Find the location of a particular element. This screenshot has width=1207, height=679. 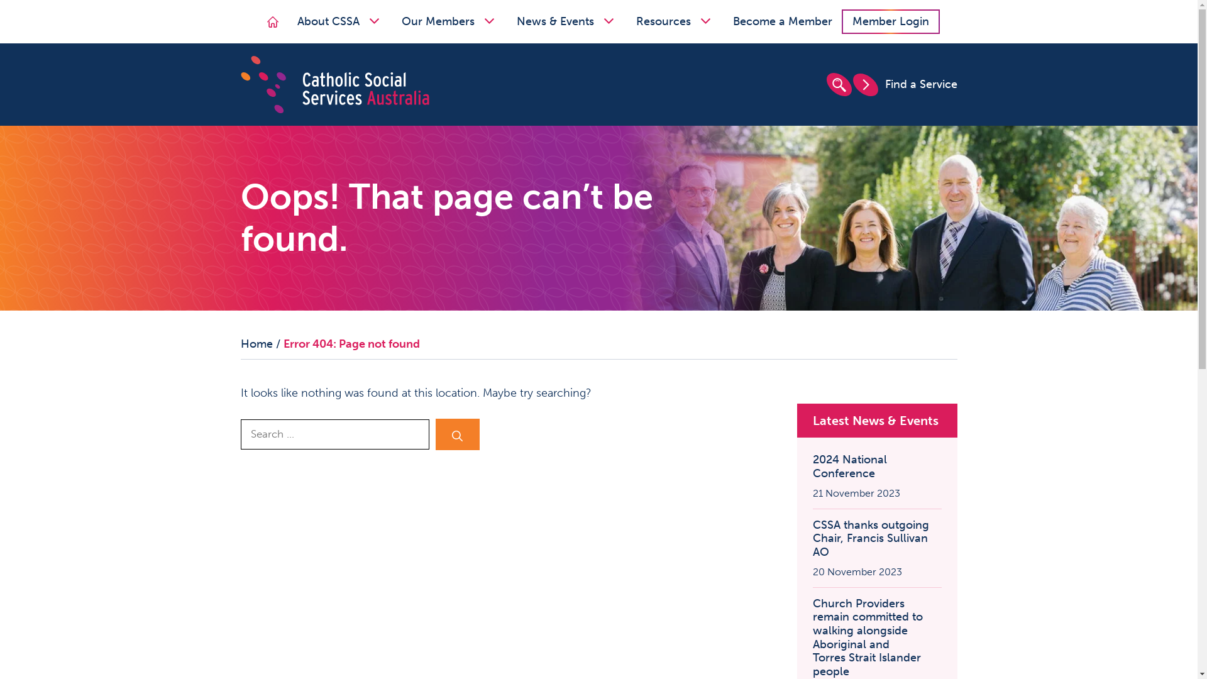

'Latest News & Events' is located at coordinates (812, 420).